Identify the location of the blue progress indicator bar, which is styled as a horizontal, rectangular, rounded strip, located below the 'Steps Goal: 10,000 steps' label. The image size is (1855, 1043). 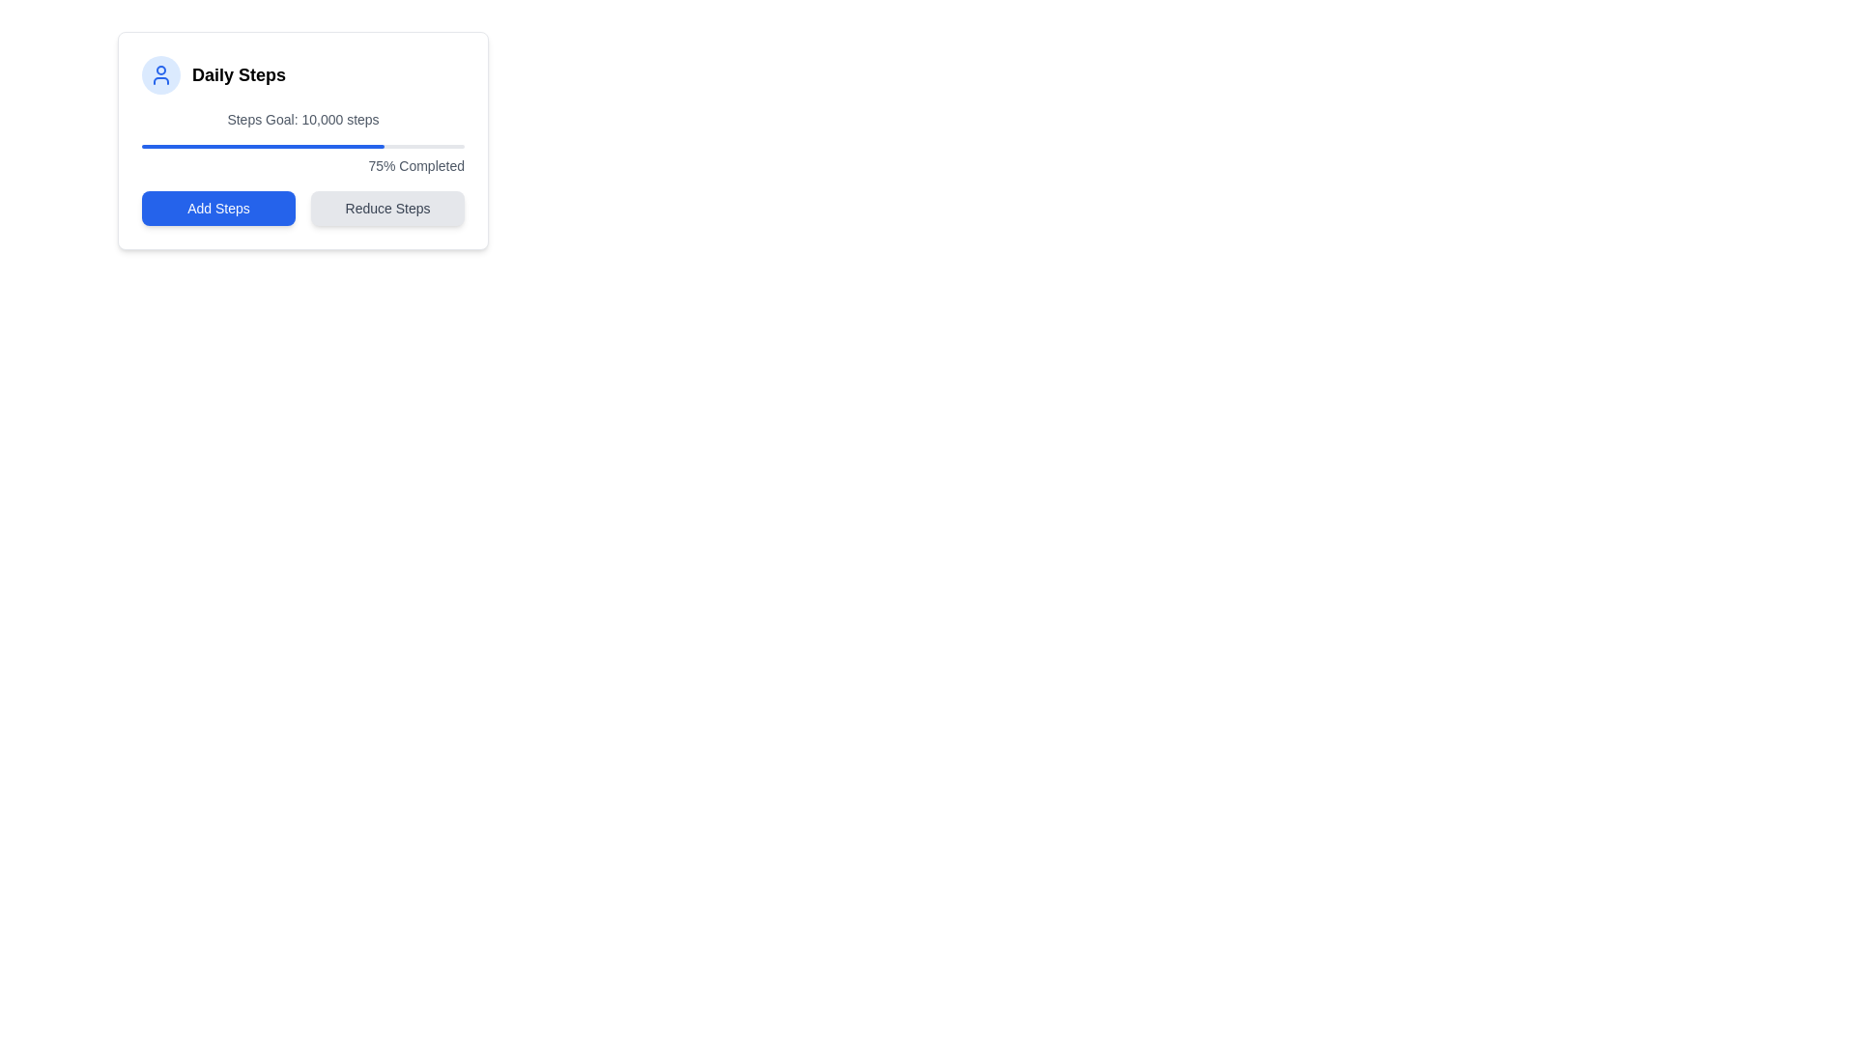
(262, 145).